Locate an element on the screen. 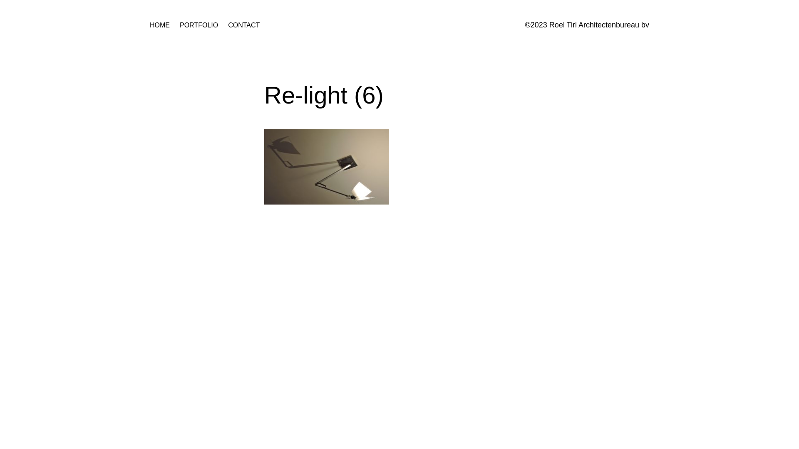 Image resolution: width=799 pixels, height=449 pixels. 'CONTACT' is located at coordinates (243, 25).